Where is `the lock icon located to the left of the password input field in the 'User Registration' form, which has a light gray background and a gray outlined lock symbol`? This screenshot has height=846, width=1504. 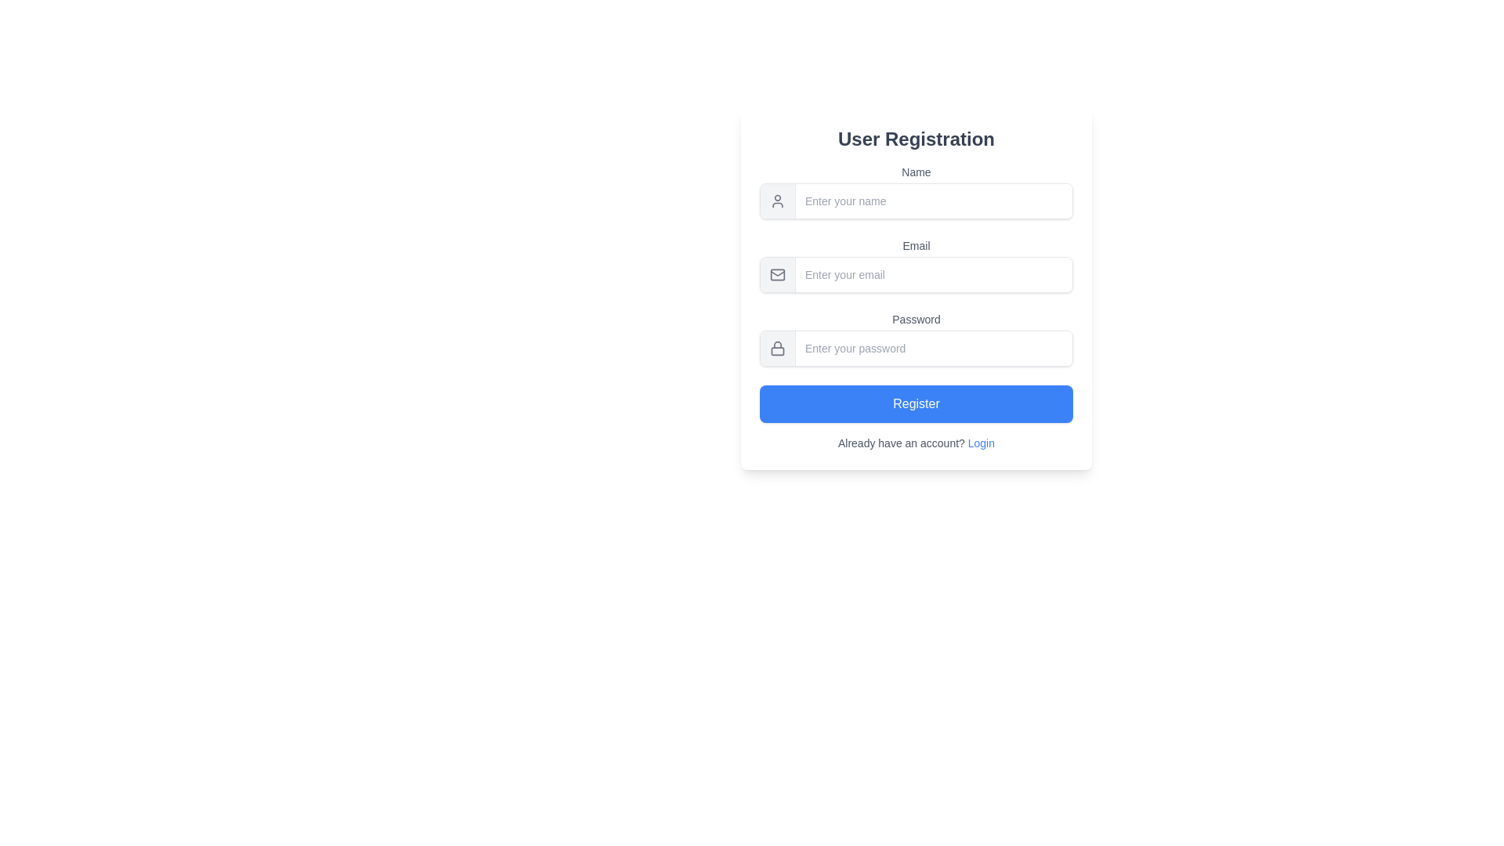 the lock icon located to the left of the password input field in the 'User Registration' form, which has a light gray background and a gray outlined lock symbol is located at coordinates (778, 347).